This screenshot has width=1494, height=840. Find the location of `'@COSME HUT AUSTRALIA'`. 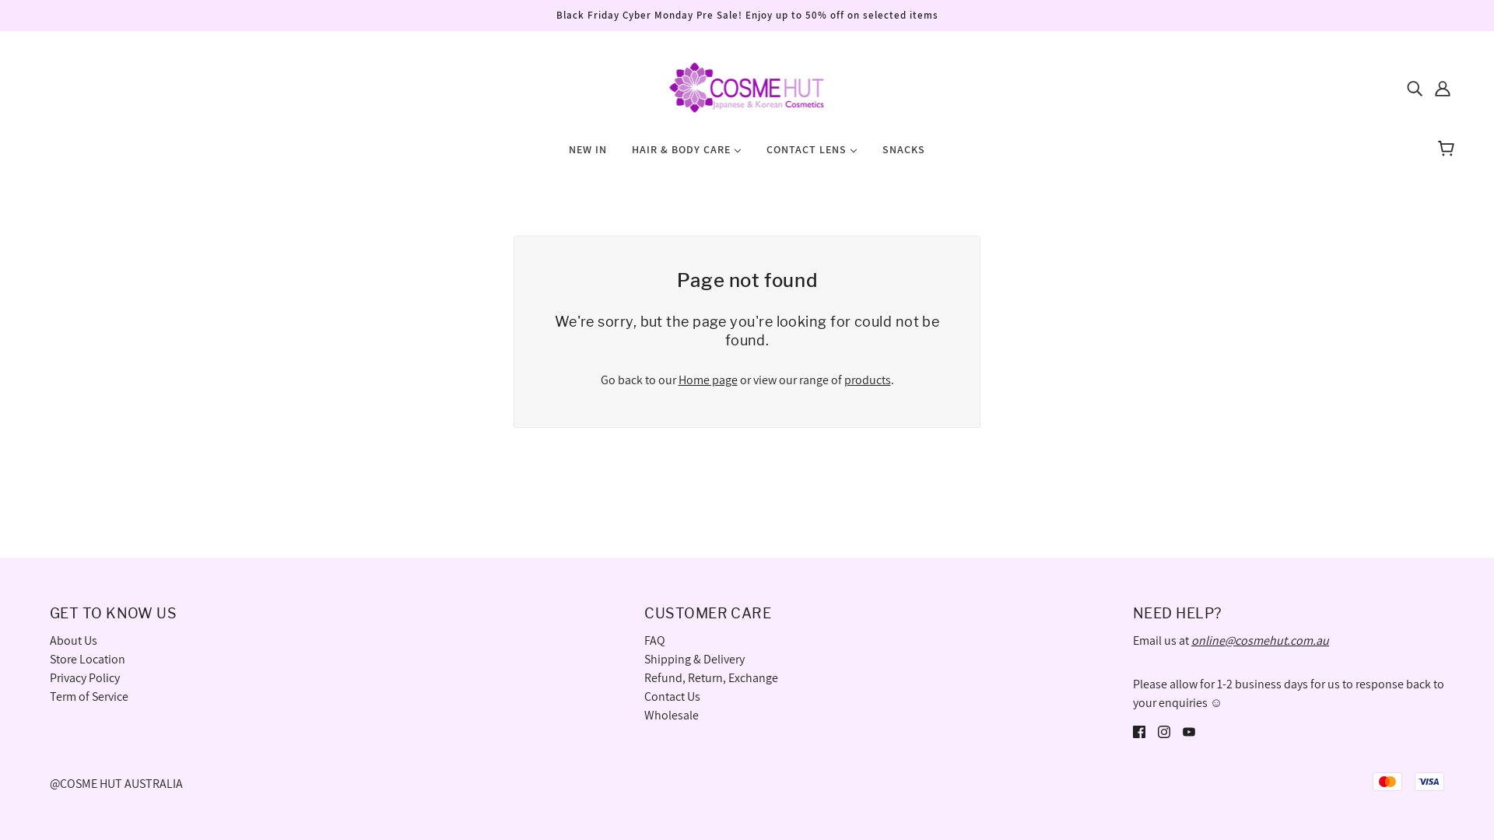

'@COSME HUT AUSTRALIA' is located at coordinates (115, 783).